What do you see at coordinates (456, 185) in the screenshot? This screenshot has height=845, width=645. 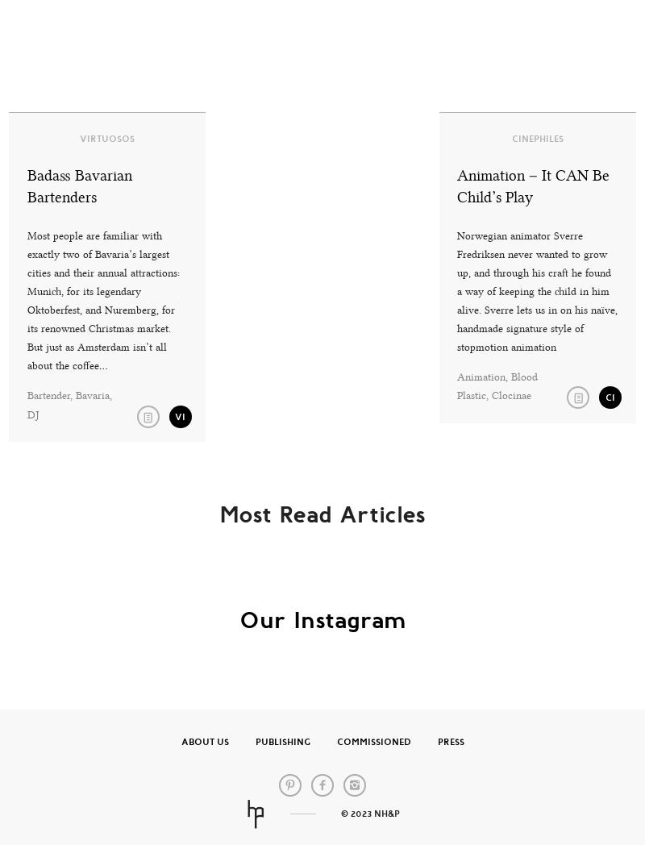 I see `'Animation – It CAN Be Child’s Play'` at bounding box center [456, 185].